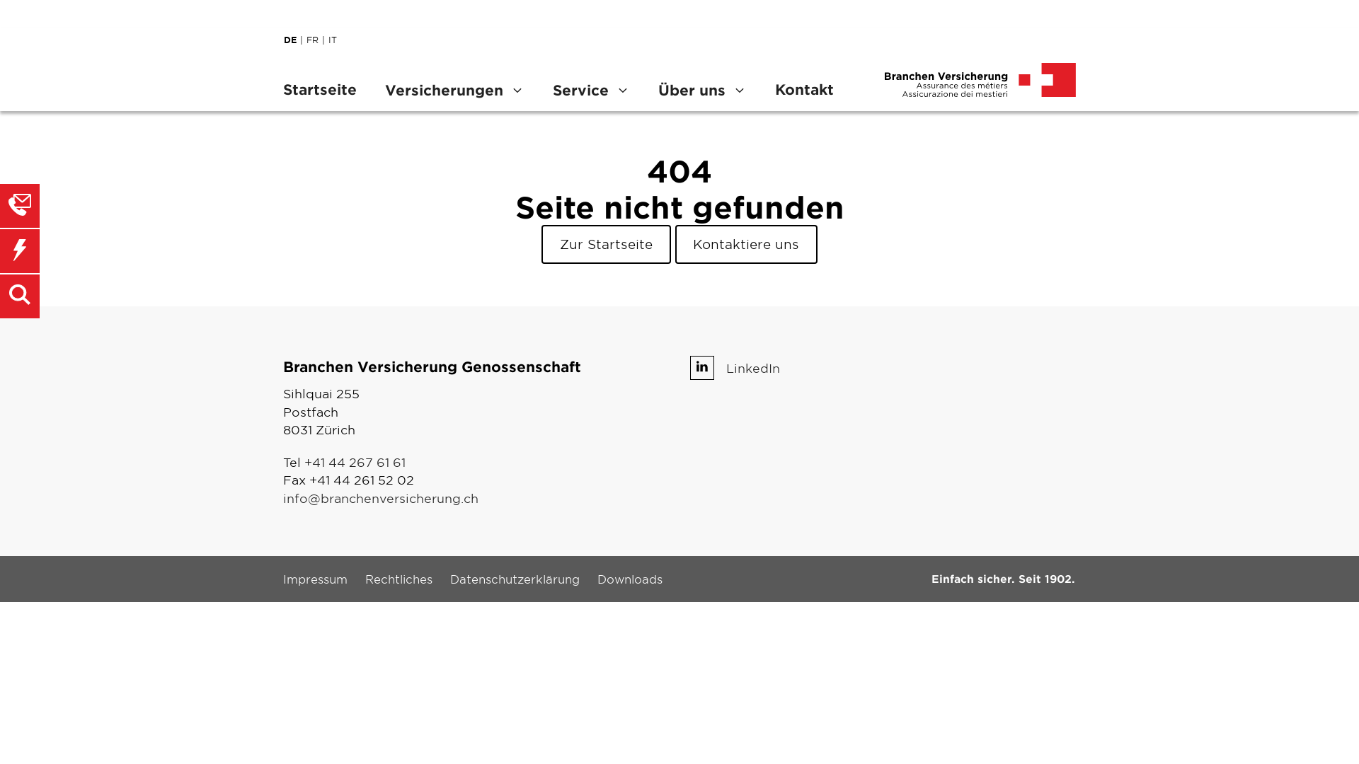 This screenshot has height=764, width=1359. I want to click on 'Versicherungen', so click(370, 89).